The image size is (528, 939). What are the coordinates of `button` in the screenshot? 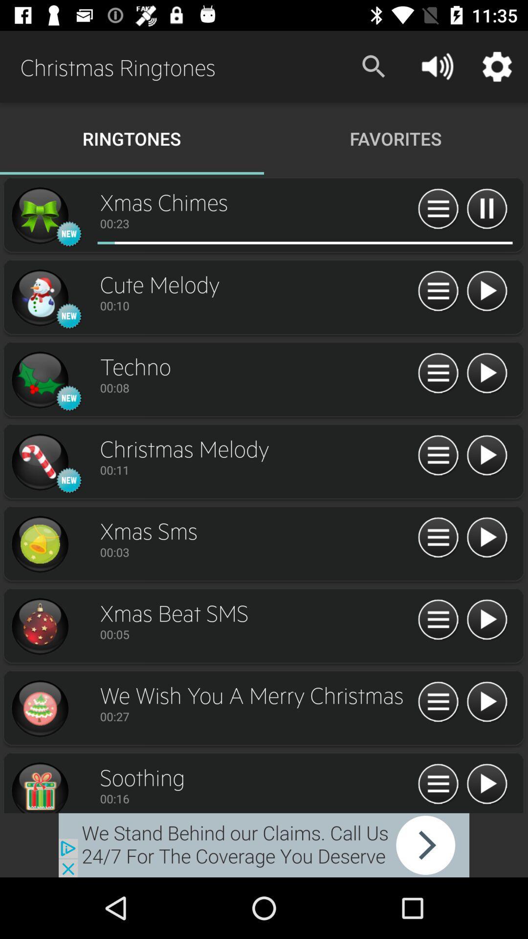 It's located at (486, 784).